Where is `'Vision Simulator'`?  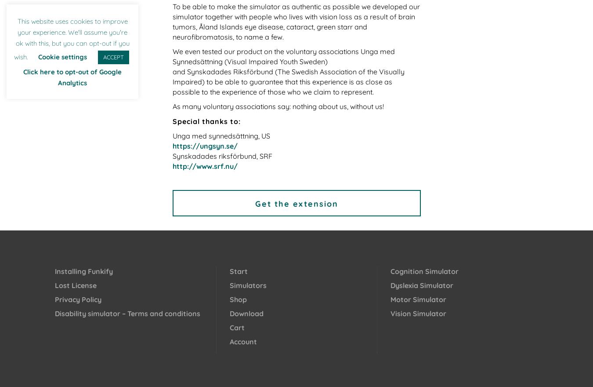 'Vision Simulator' is located at coordinates (418, 313).